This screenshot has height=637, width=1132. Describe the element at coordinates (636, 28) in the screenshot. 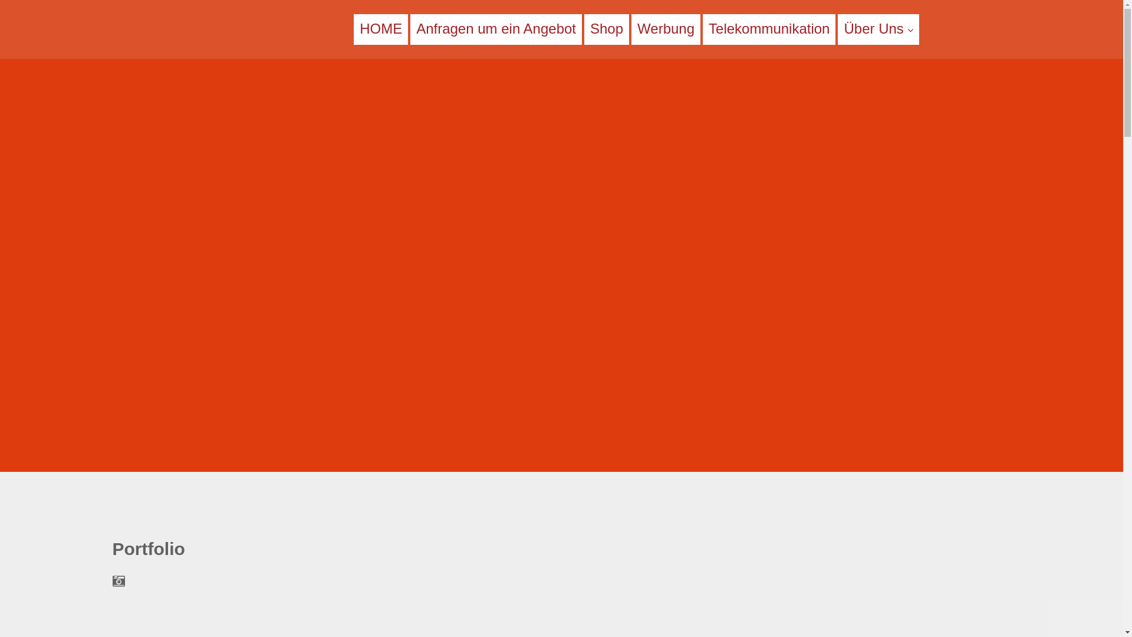

I see `'Werbung'` at that location.